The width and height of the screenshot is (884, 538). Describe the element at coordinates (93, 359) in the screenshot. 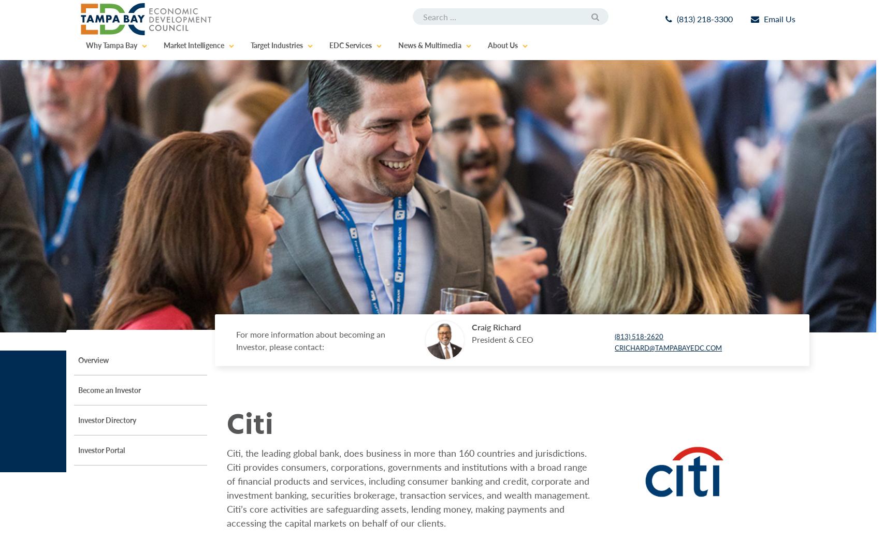

I see `'Overview'` at that location.